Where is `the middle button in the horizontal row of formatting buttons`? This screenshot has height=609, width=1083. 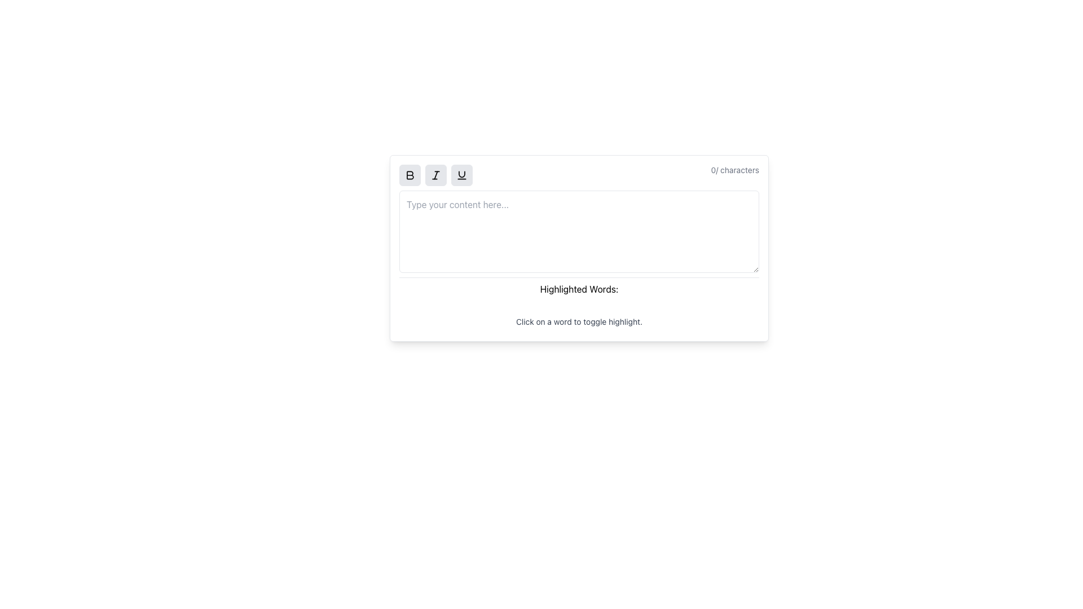 the middle button in the horizontal row of formatting buttons is located at coordinates (435, 175).